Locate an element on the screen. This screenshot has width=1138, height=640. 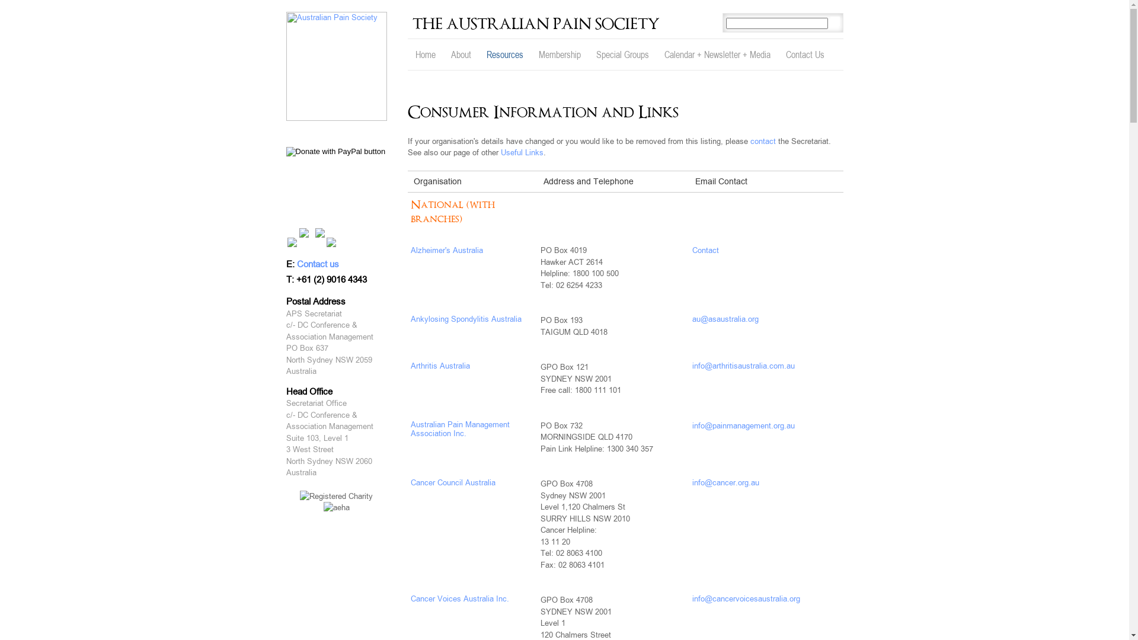
'About' is located at coordinates (443, 55).